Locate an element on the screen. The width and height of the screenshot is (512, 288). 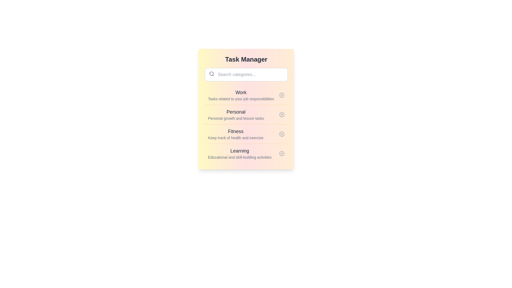
the search icon element located to the left of the search input field to initiate interaction is located at coordinates (211, 74).